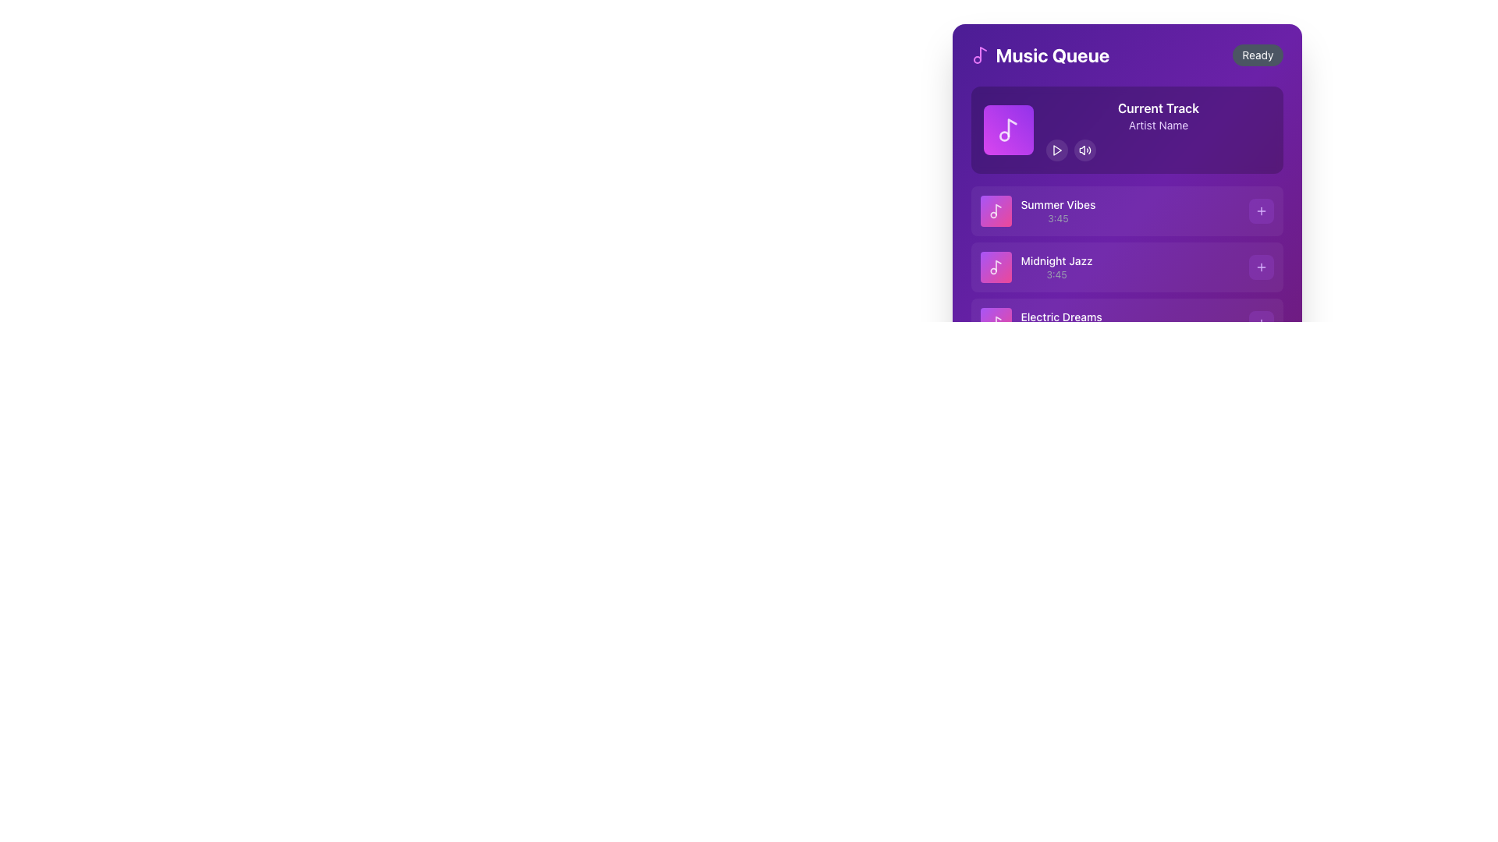 The width and height of the screenshot is (1498, 842). What do you see at coordinates (1127, 323) in the screenshot?
I see `the text of the song 'Electric Dreams' in the list item` at bounding box center [1127, 323].